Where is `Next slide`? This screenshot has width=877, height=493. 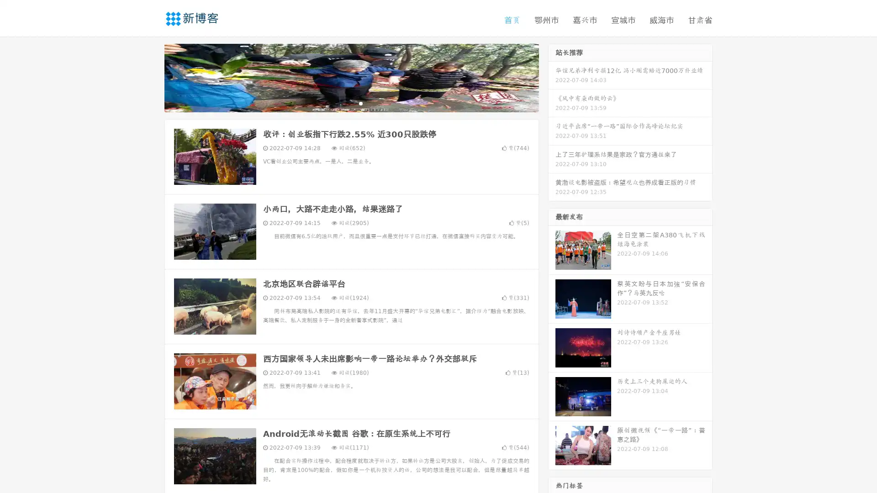 Next slide is located at coordinates (552, 77).